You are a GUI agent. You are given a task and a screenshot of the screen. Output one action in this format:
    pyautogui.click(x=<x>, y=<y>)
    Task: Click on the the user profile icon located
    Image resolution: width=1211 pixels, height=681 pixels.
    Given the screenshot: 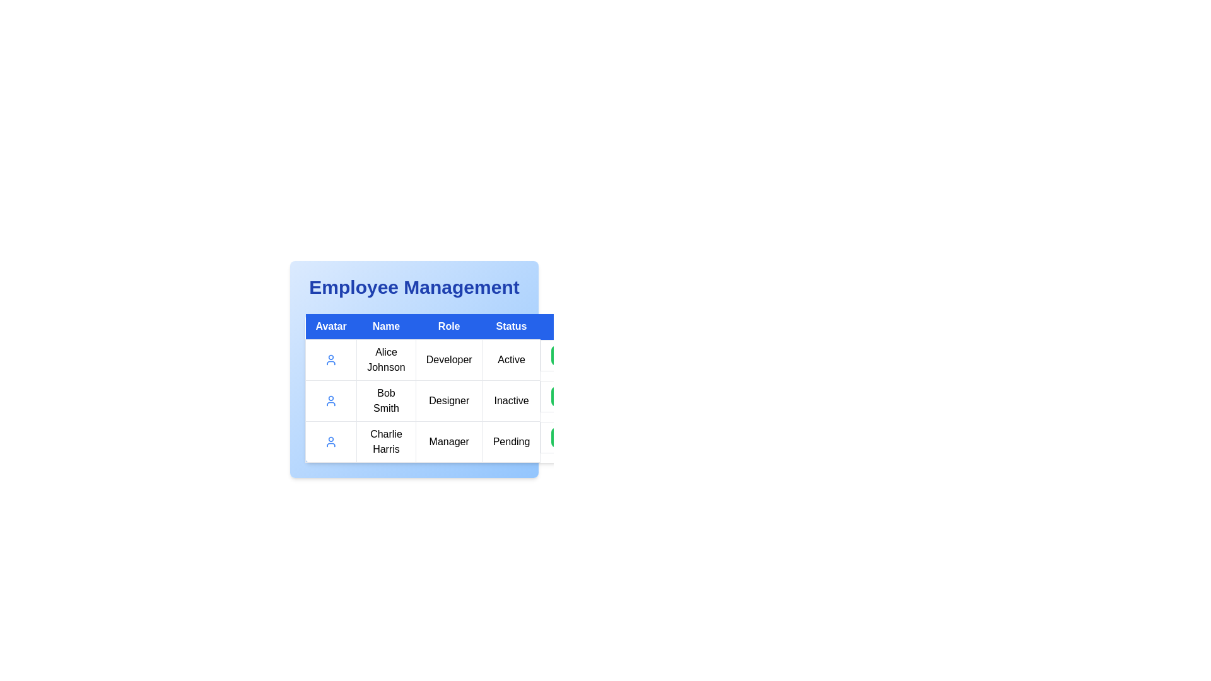 What is the action you would take?
    pyautogui.click(x=331, y=441)
    